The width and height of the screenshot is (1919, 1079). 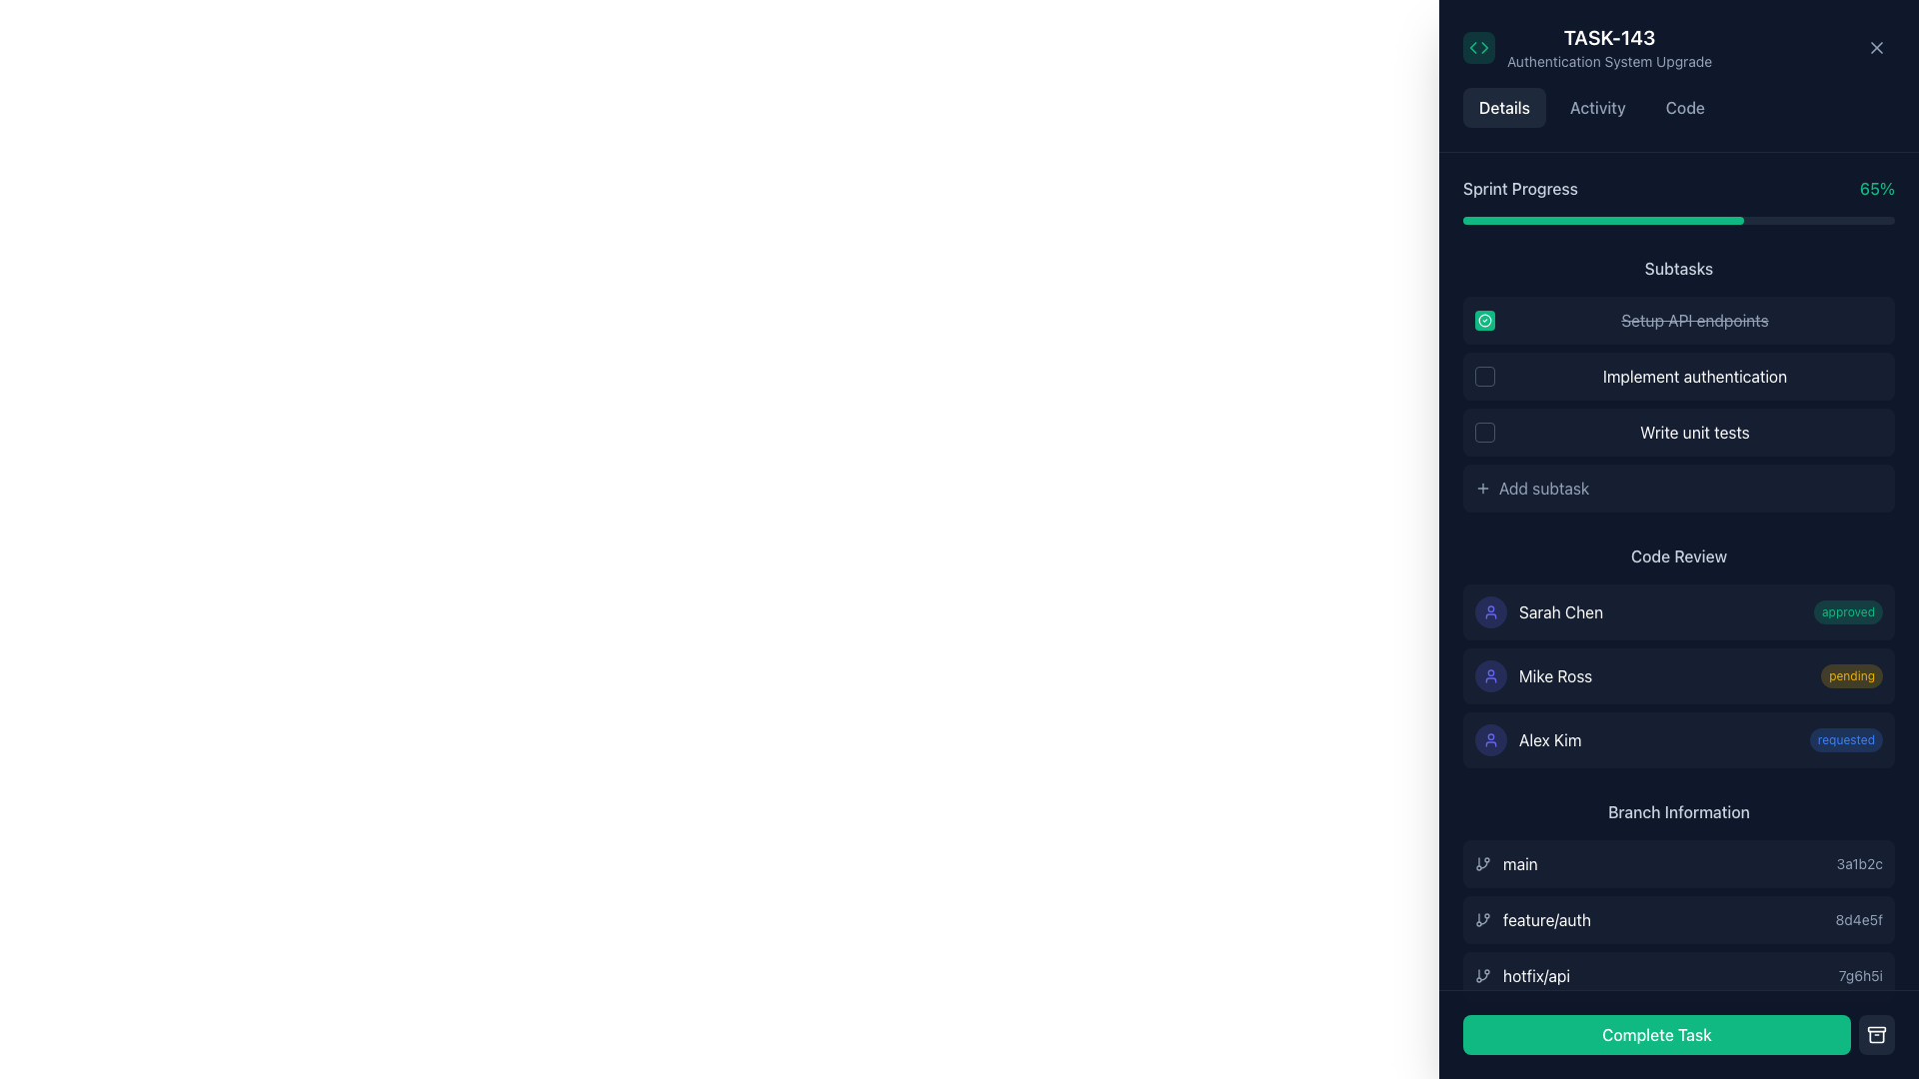 I want to click on the reviewer icon for 'Alex Kim' in the 'Code Review' section to visually identify the reviewer, so click(x=1491, y=675).